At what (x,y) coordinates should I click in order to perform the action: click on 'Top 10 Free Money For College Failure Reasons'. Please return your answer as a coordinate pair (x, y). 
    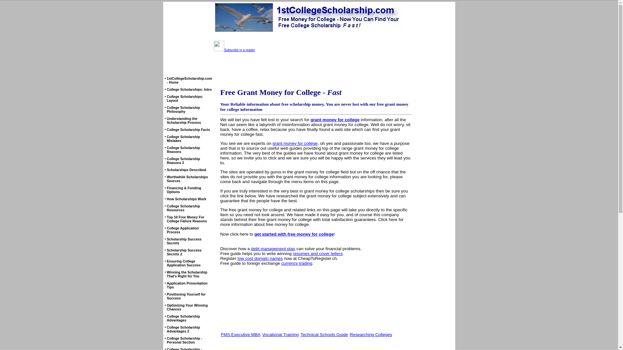
    Looking at the image, I should click on (187, 219).